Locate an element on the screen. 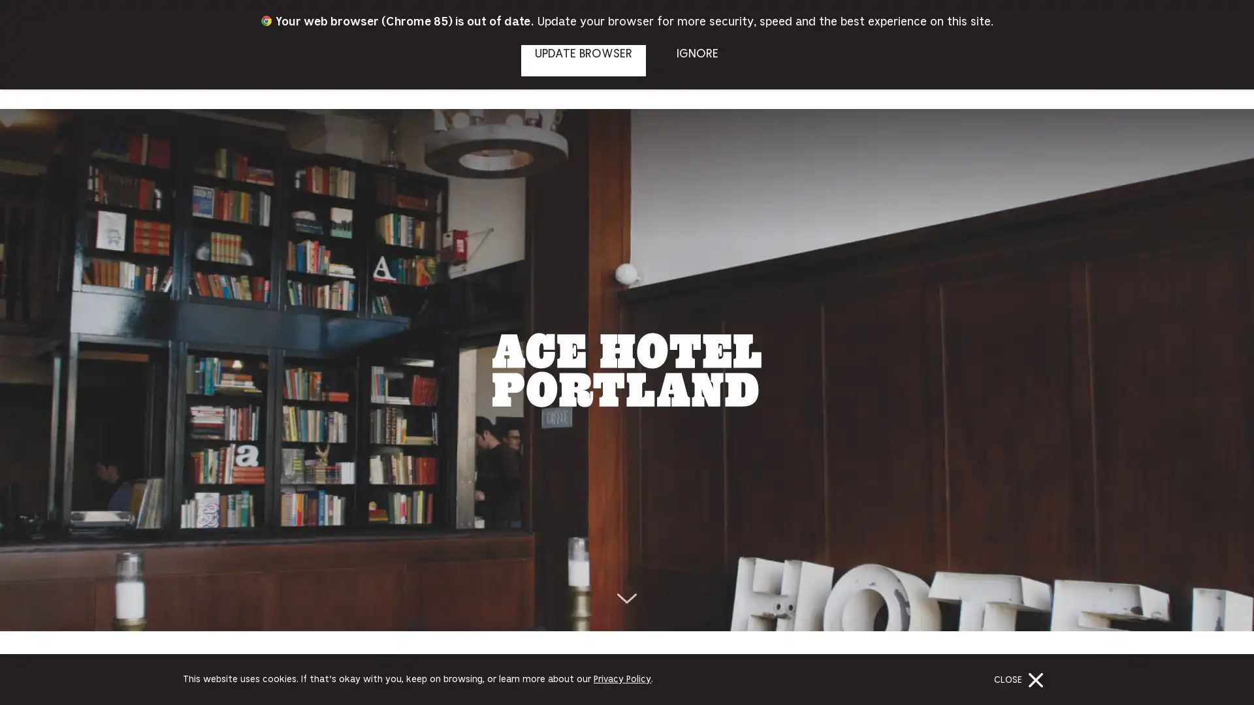 The height and width of the screenshot is (705, 1254). CLOSE COOKIE DISCLOSURE NOTICE is located at coordinates (1021, 679).